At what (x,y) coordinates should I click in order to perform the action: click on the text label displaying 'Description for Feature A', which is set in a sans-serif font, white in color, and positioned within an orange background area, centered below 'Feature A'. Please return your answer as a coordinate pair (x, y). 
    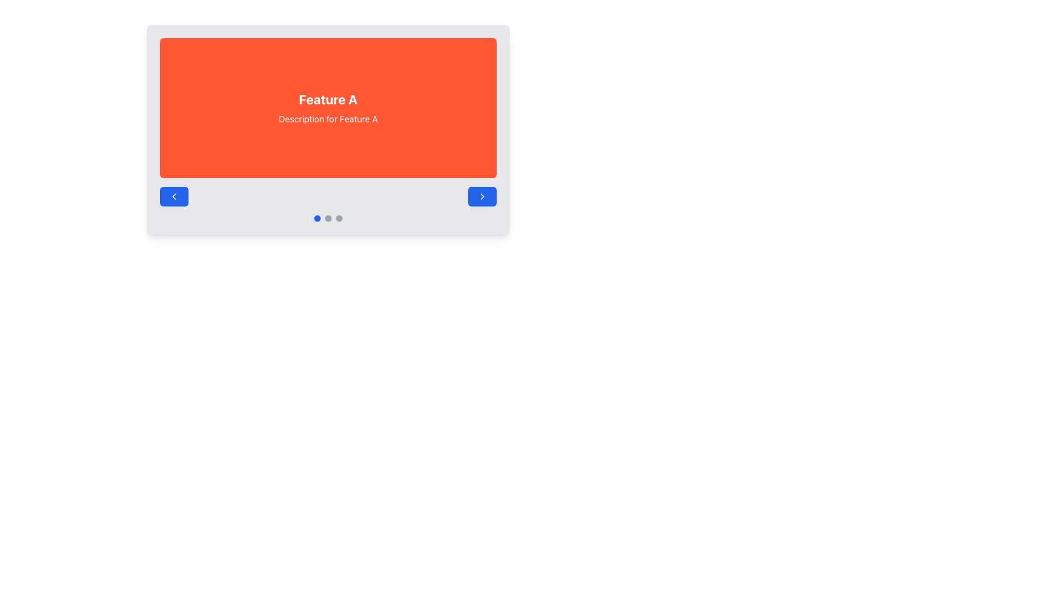
    Looking at the image, I should click on (327, 119).